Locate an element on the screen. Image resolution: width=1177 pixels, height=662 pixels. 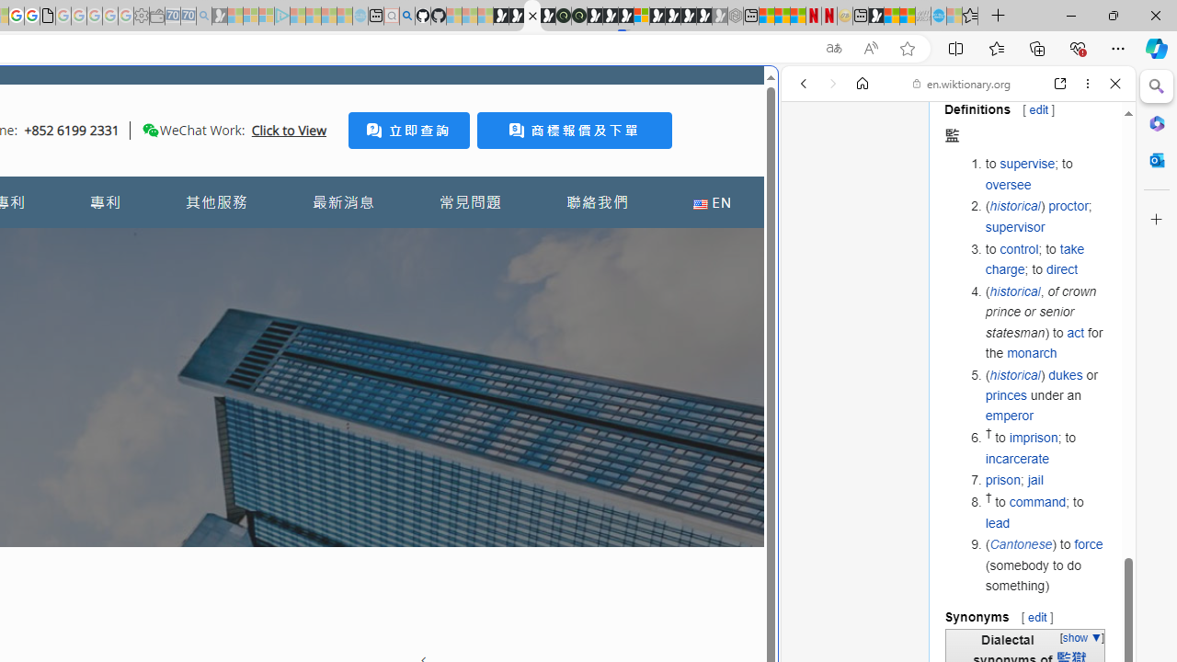
'prison; jail' is located at coordinates (1046, 479).